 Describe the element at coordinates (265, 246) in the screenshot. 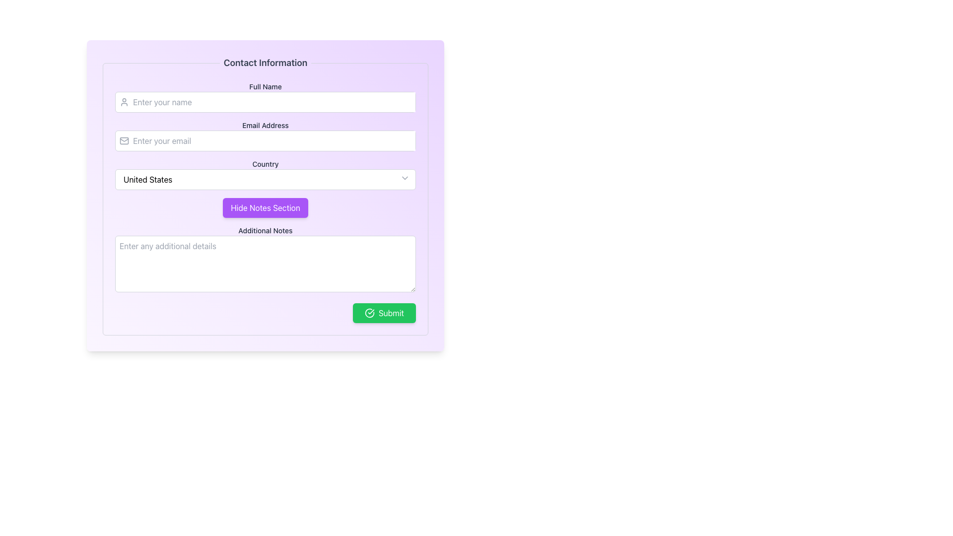

I see `the button in the notes section` at that location.